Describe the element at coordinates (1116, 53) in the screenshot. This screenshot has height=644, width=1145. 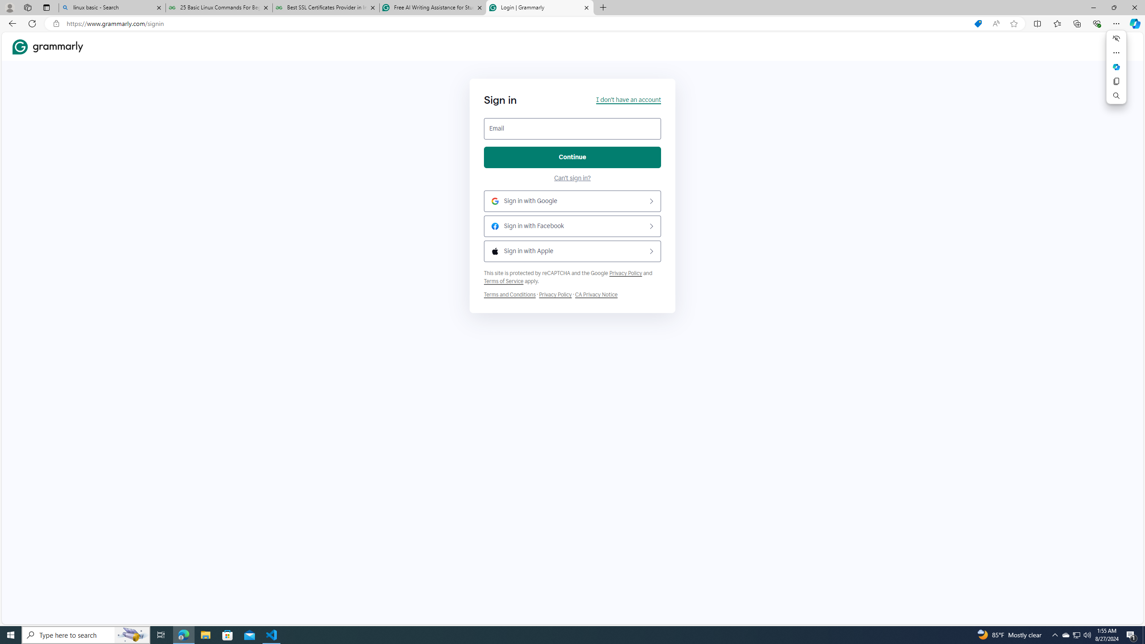
I see `'More actions'` at that location.